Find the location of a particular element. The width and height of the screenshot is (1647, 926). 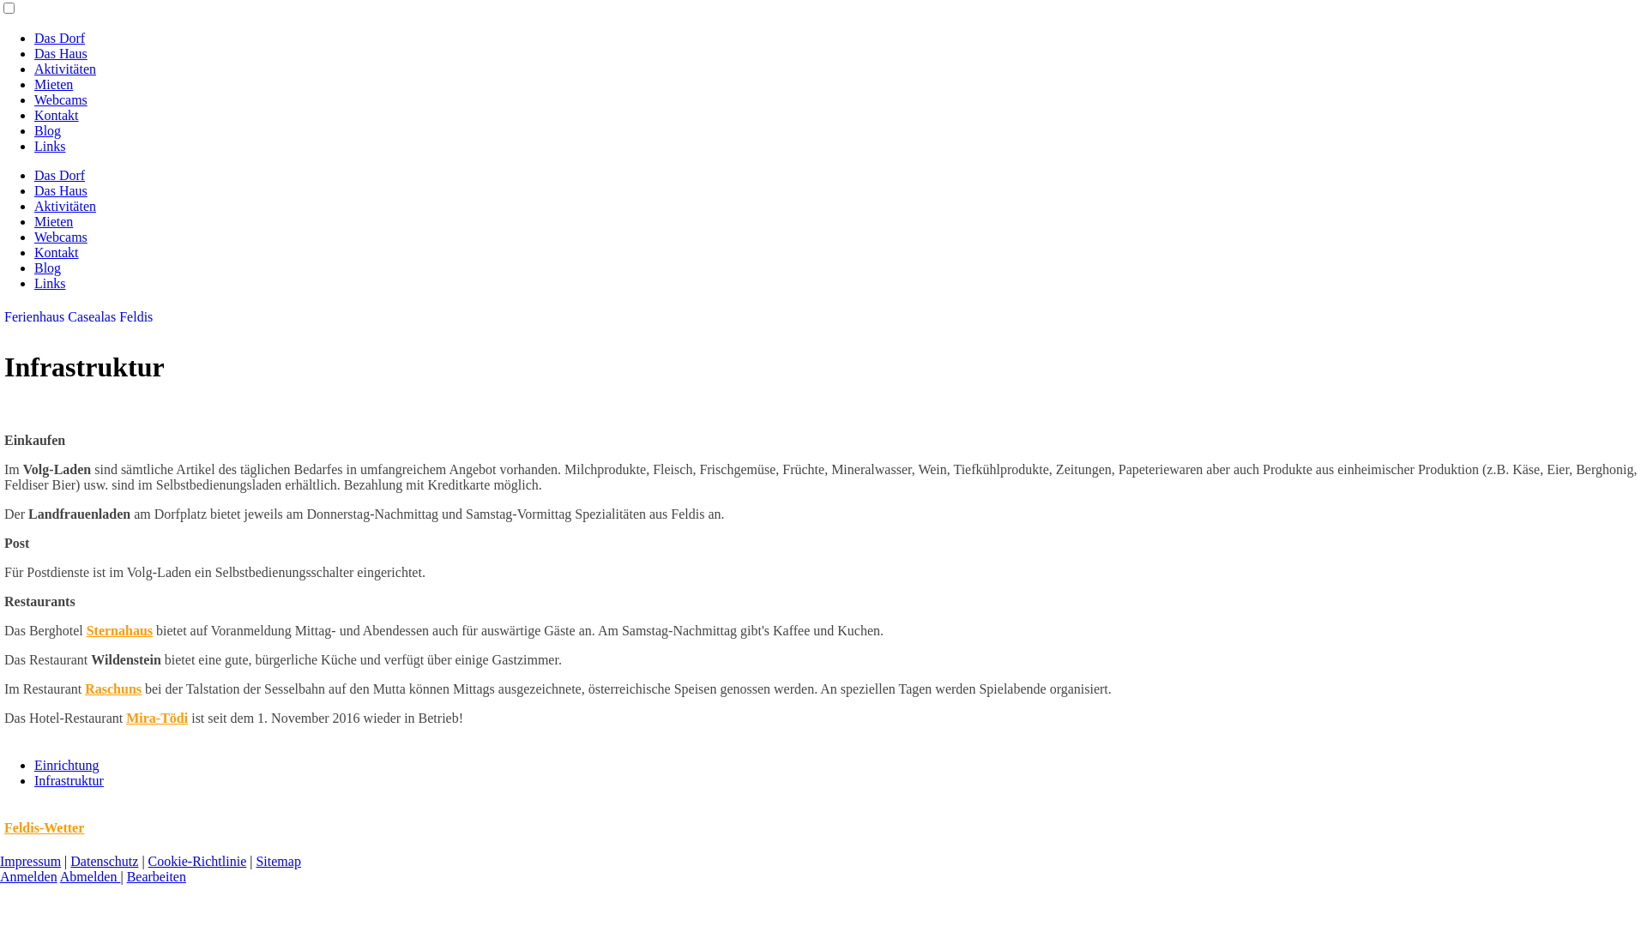

'Blog' is located at coordinates (47, 129).